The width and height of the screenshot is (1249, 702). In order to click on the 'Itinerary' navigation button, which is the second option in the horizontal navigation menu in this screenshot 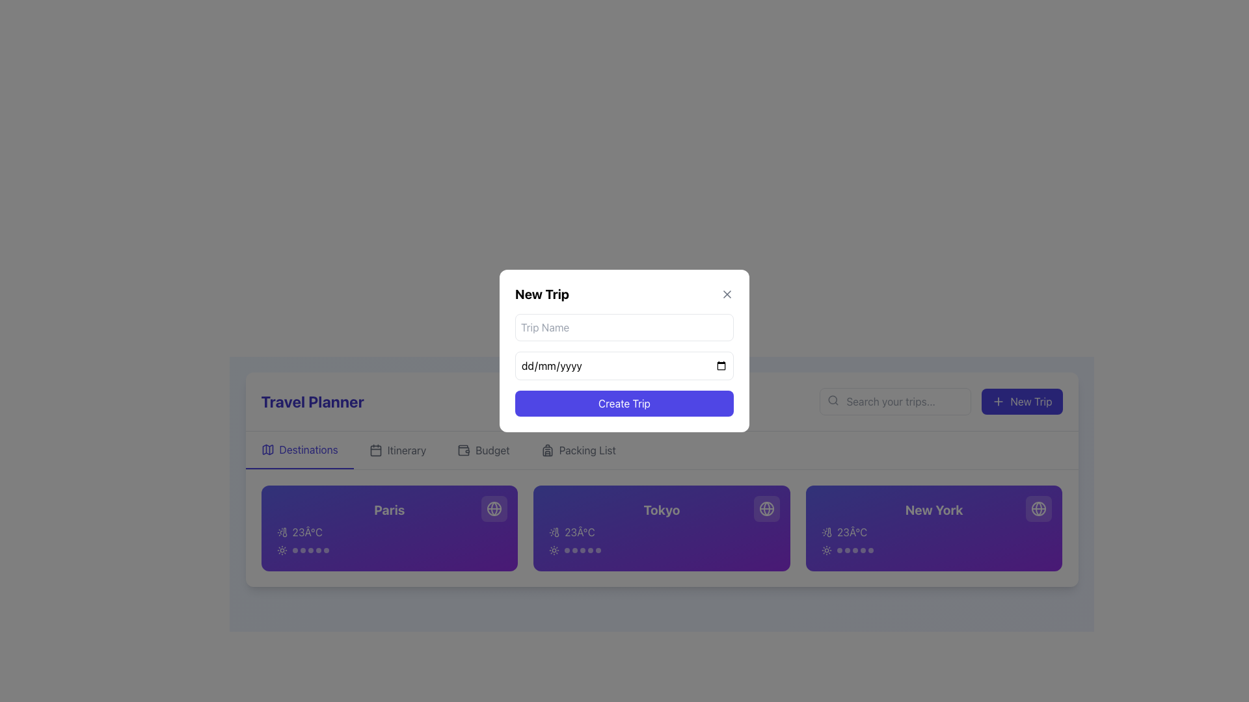, I will do `click(397, 450)`.